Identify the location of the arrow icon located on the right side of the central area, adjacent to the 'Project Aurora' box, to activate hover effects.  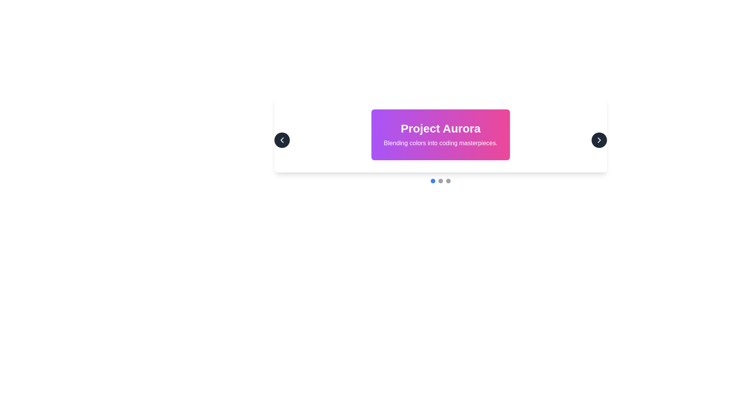
(599, 140).